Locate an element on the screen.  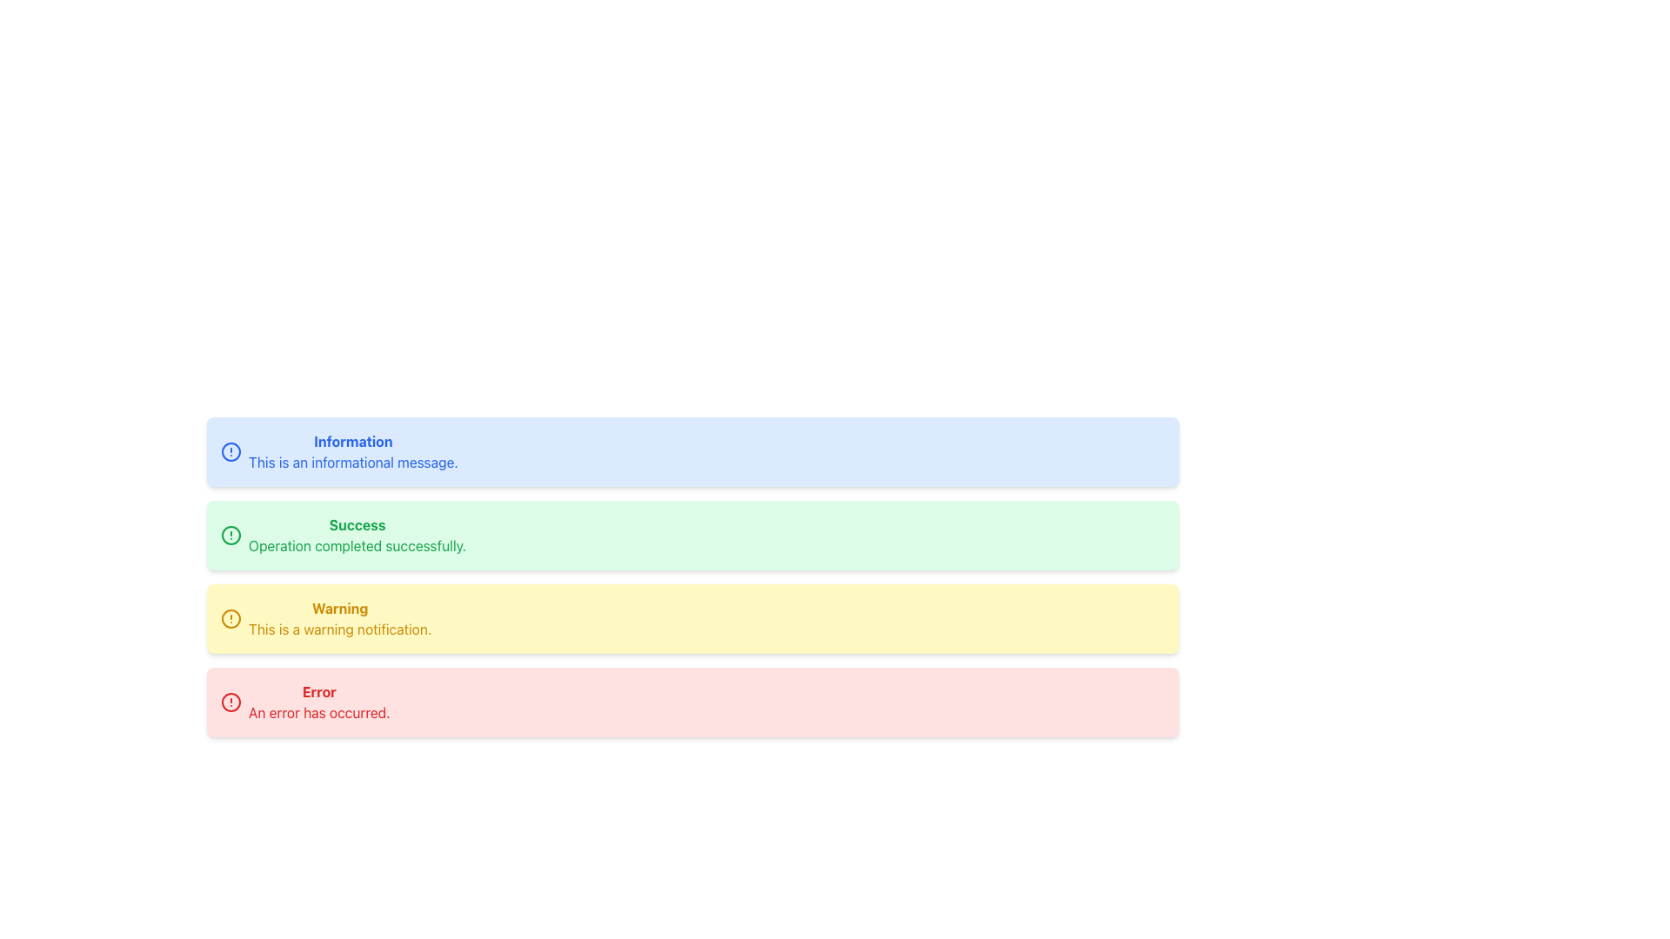
warning notification text that says 'This is a warning notification.' which is displayed in orange/yellow against a yellow background within the notification card is located at coordinates (340, 629).